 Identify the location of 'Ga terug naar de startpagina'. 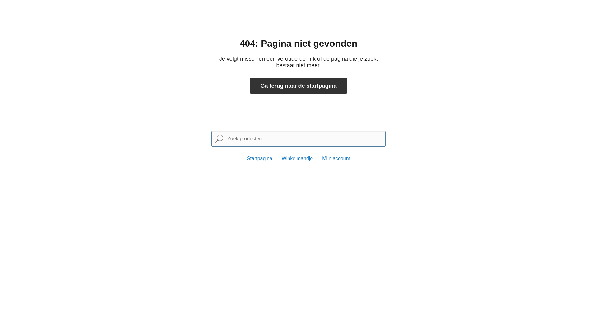
(298, 86).